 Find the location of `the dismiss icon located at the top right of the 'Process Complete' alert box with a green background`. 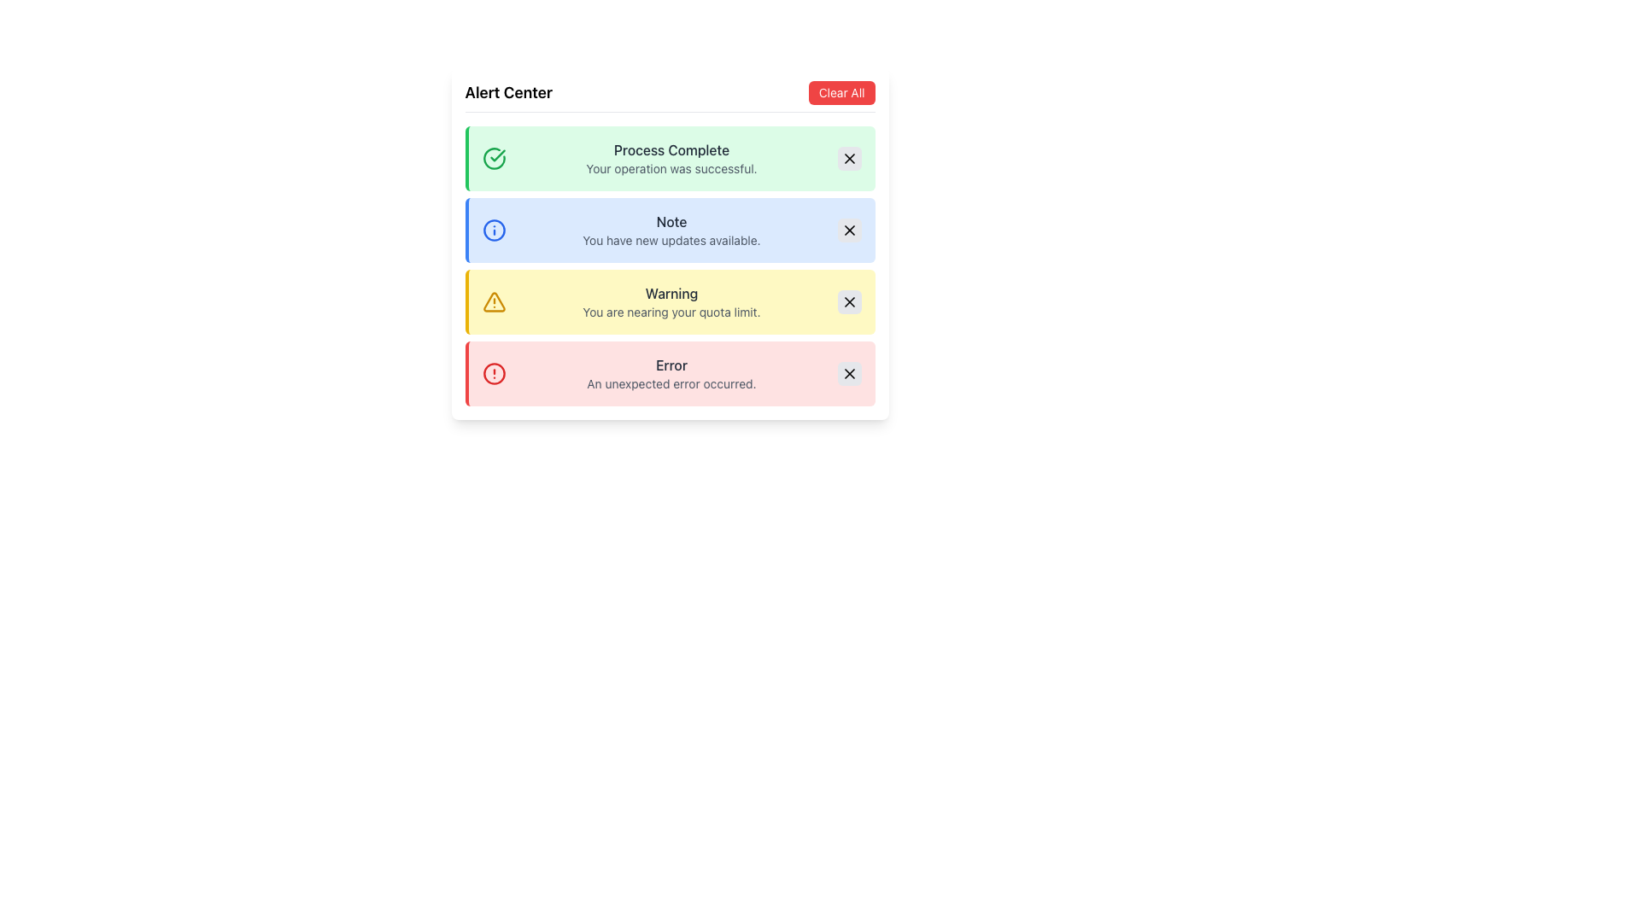

the dismiss icon located at the top right of the 'Process Complete' alert box with a green background is located at coordinates (849, 158).